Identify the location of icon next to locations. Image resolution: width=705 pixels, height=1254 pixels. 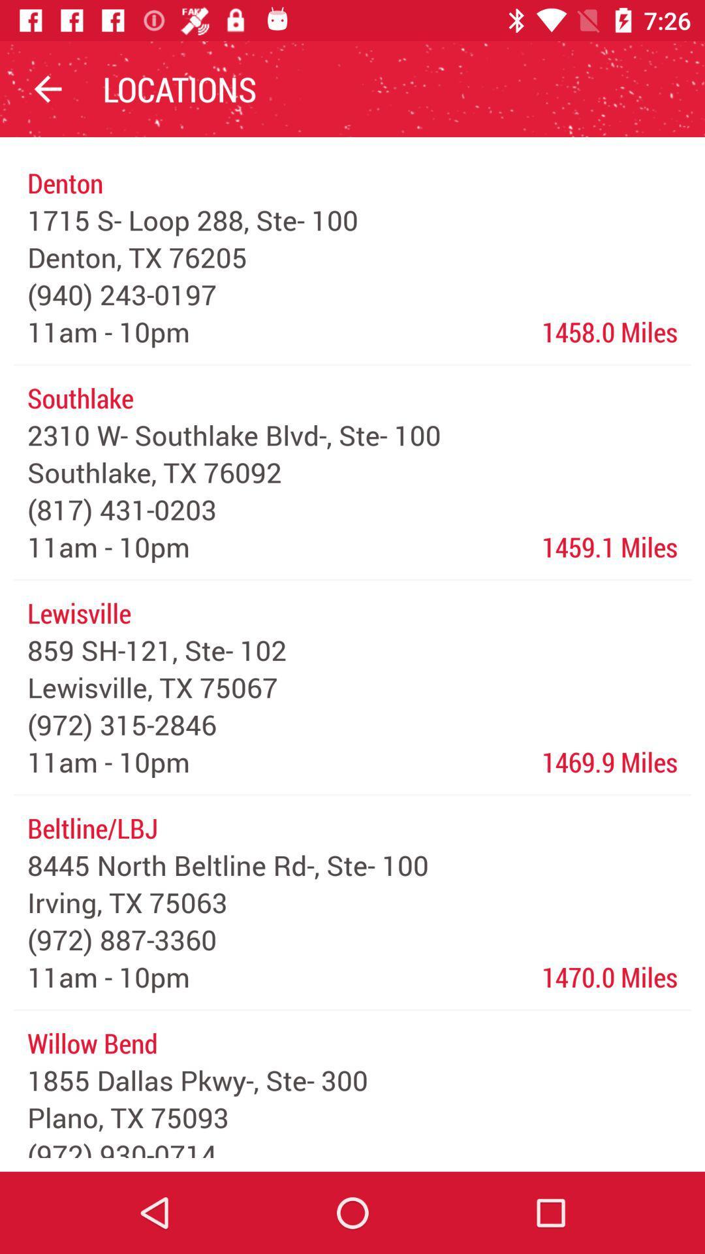
(47, 88).